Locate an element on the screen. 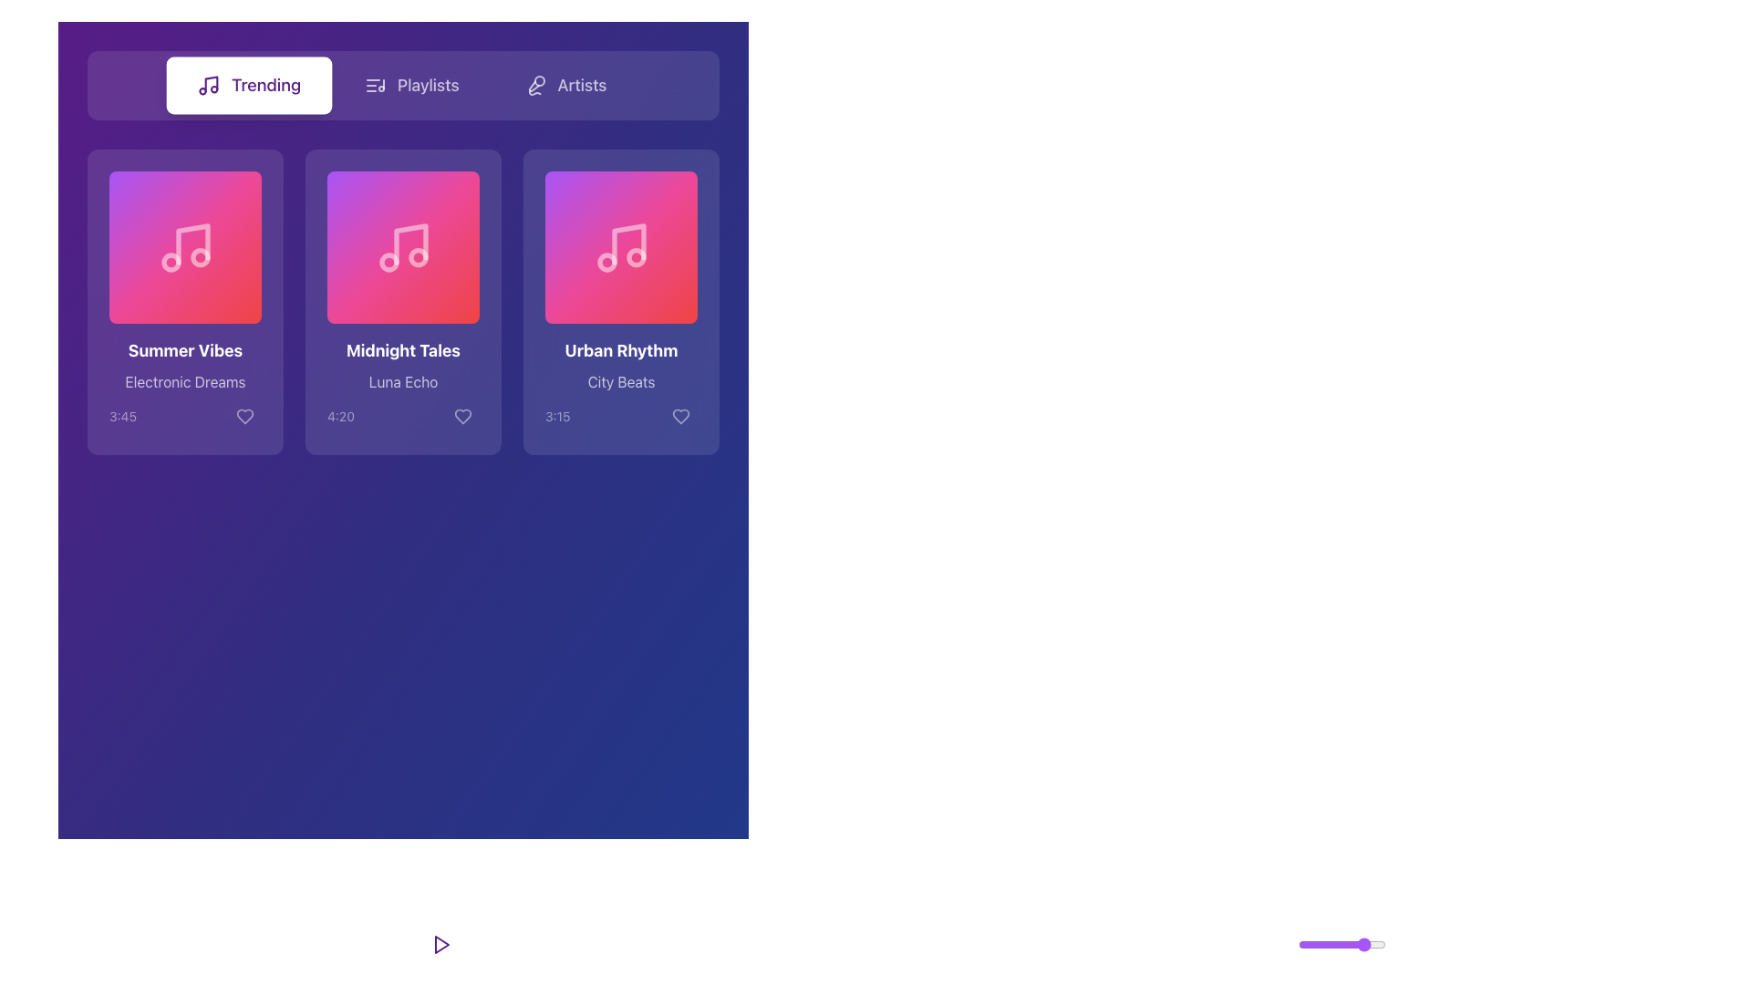  the text label displaying '3:15' in a small font size with white color at 50% opacity, located at the bottom left of the 'Urban Rhythm' card is located at coordinates (556, 416).